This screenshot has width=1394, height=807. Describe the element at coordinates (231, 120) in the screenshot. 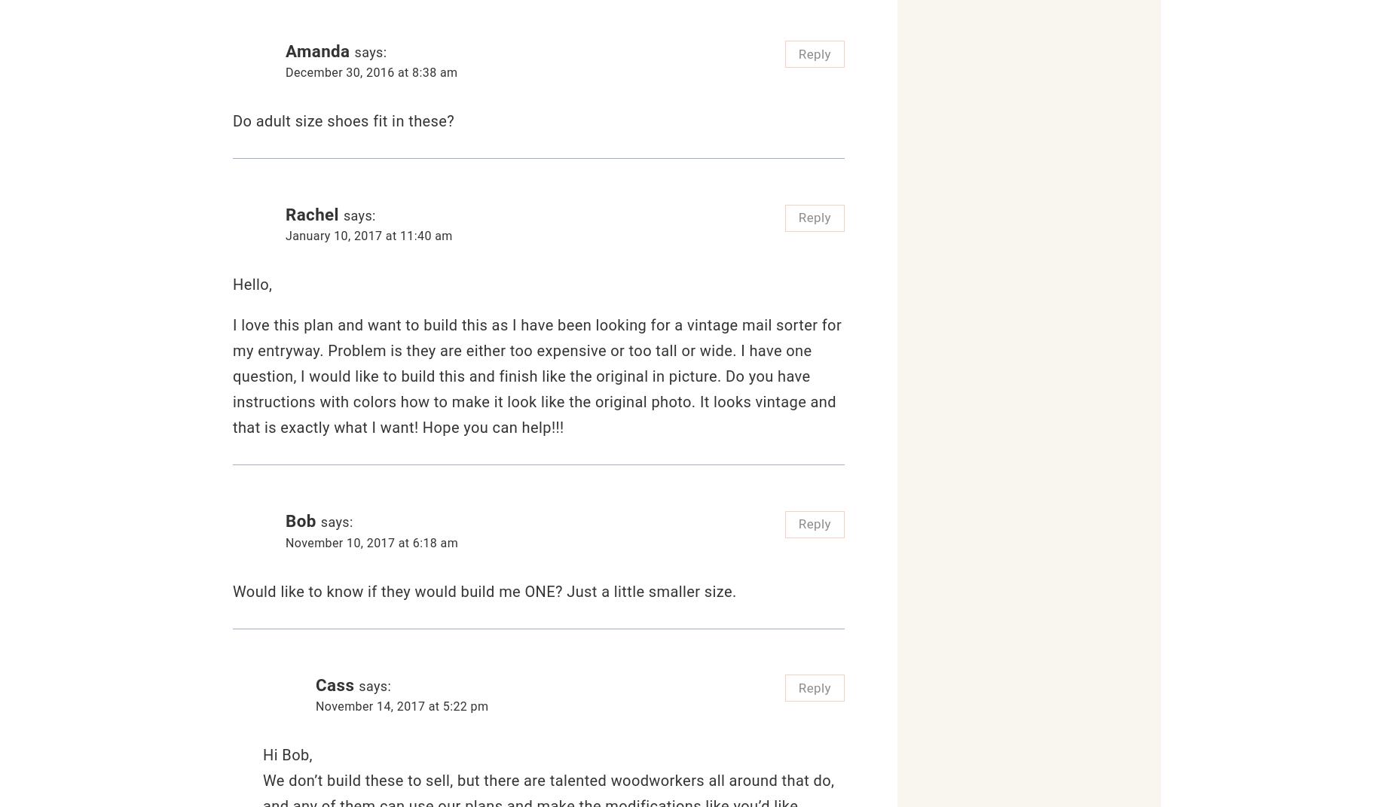

I see `'Do adult size shoes fit in these?'` at that location.